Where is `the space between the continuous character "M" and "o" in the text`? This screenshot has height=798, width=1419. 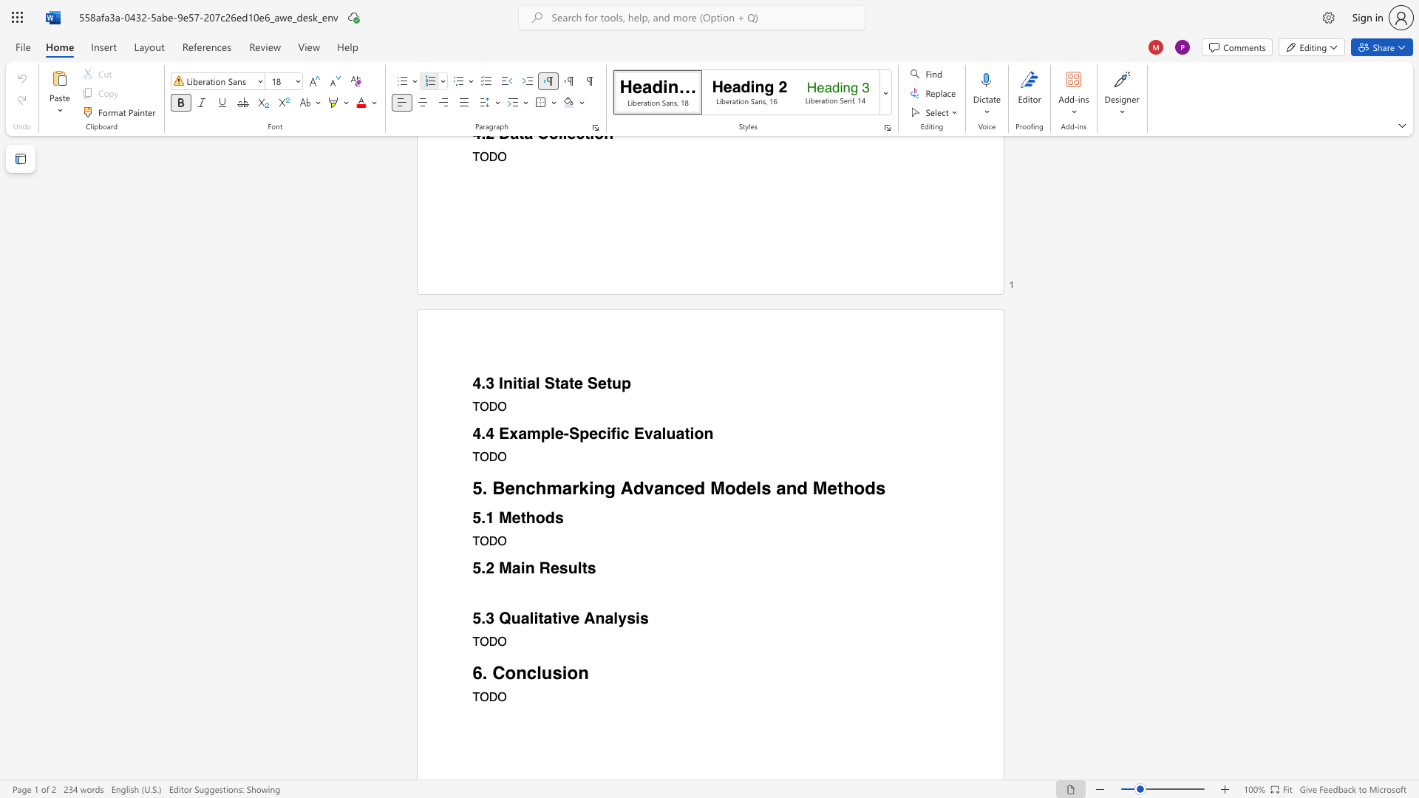 the space between the continuous character "M" and "o" in the text is located at coordinates (724, 488).